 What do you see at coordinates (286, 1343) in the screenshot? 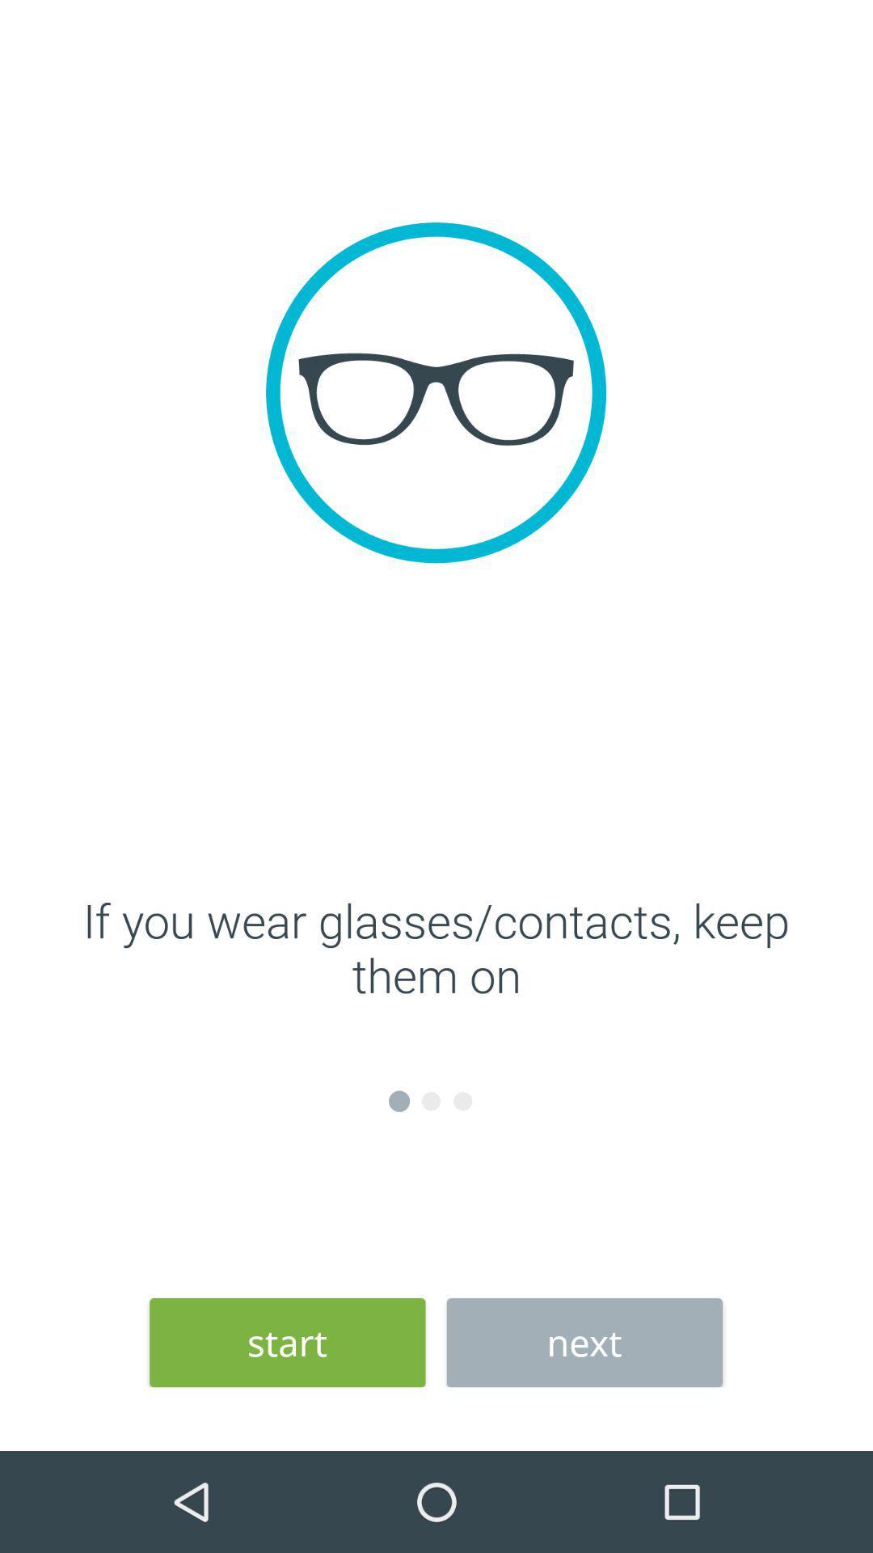
I see `icon at the bottom left corner` at bounding box center [286, 1343].